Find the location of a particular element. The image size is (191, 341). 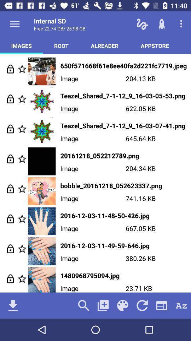

lock image is located at coordinates (10, 98).